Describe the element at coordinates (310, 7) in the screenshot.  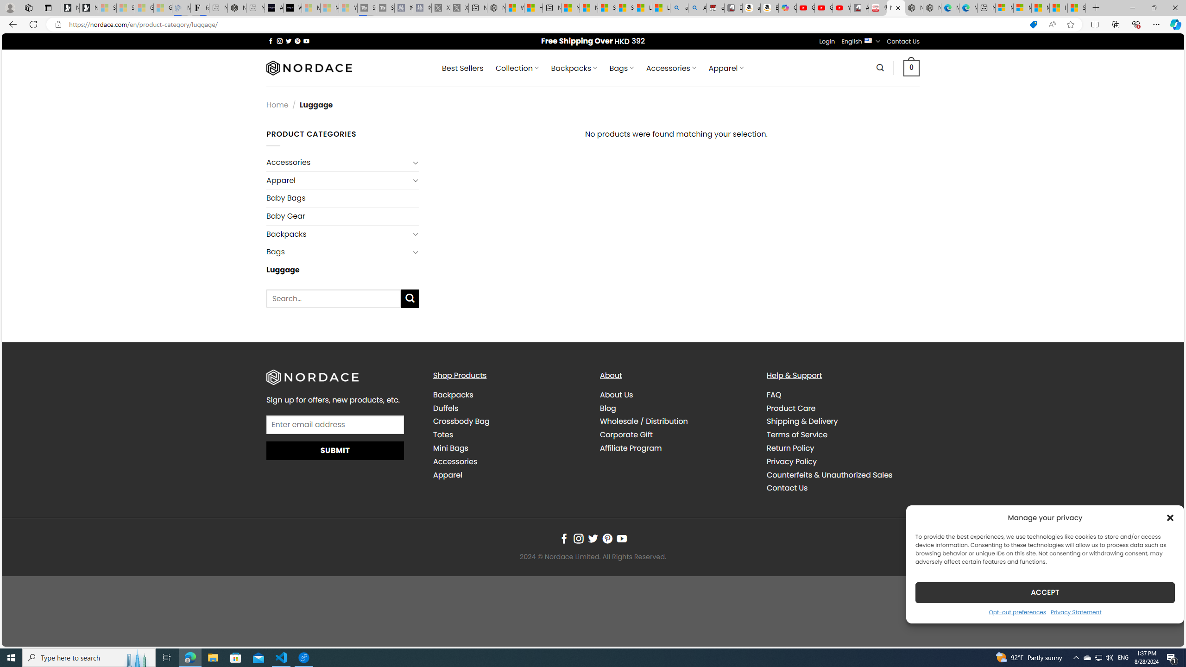
I see `'Microsoft Start Sports - Sleeping'` at that location.